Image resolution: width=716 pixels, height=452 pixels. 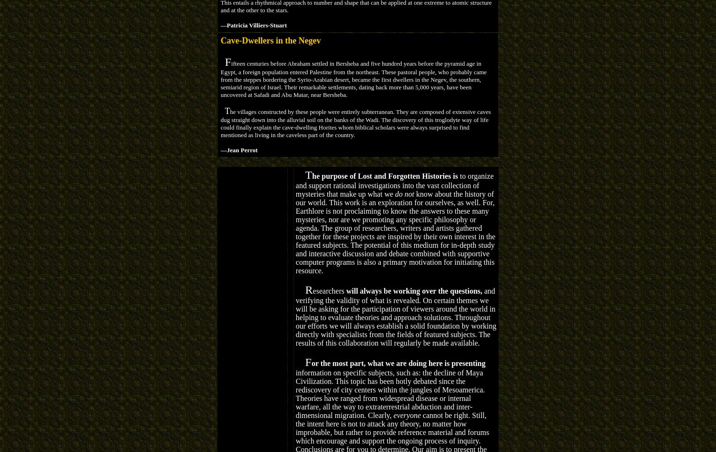 What do you see at coordinates (311, 362) in the screenshot?
I see `'or 
        the most part, what we are doing here is presenting'` at bounding box center [311, 362].